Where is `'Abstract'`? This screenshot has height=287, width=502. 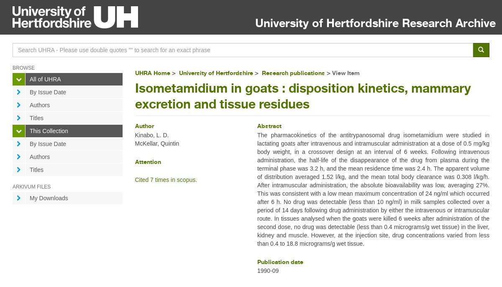 'Abstract' is located at coordinates (257, 126).